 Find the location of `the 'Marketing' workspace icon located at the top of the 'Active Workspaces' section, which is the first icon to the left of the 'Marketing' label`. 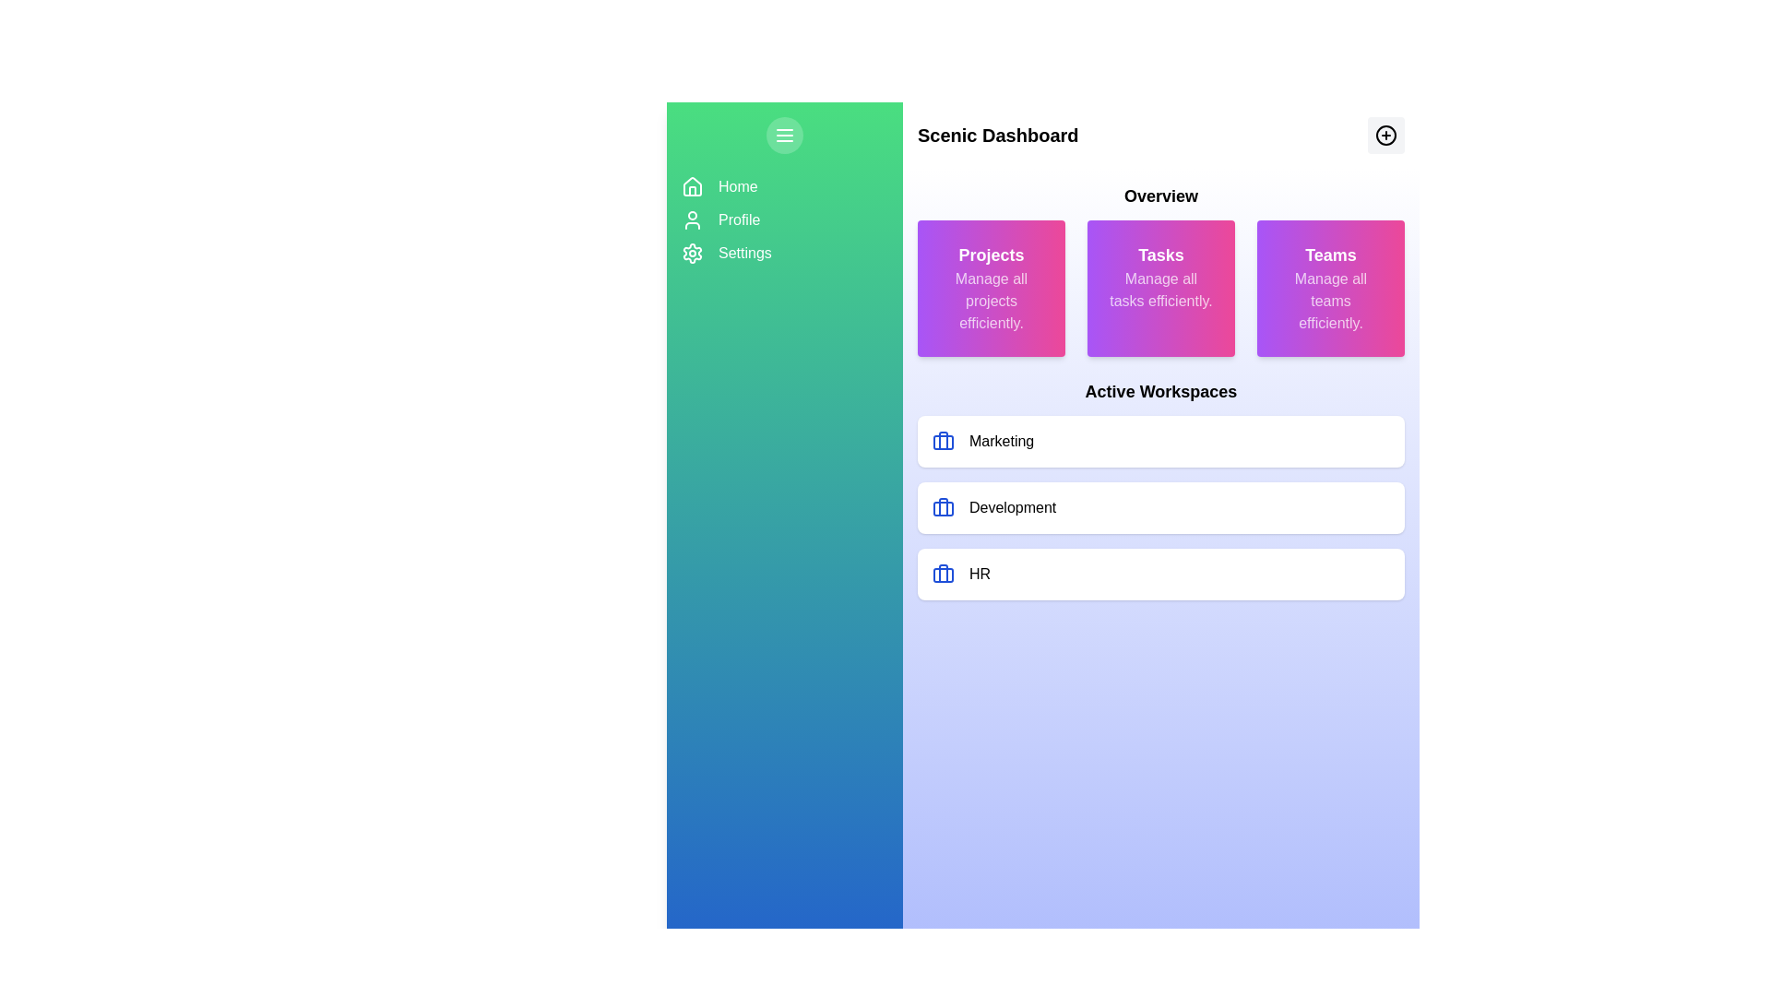

the 'Marketing' workspace icon located at the top of the 'Active Workspaces' section, which is the first icon to the left of the 'Marketing' label is located at coordinates (943, 441).